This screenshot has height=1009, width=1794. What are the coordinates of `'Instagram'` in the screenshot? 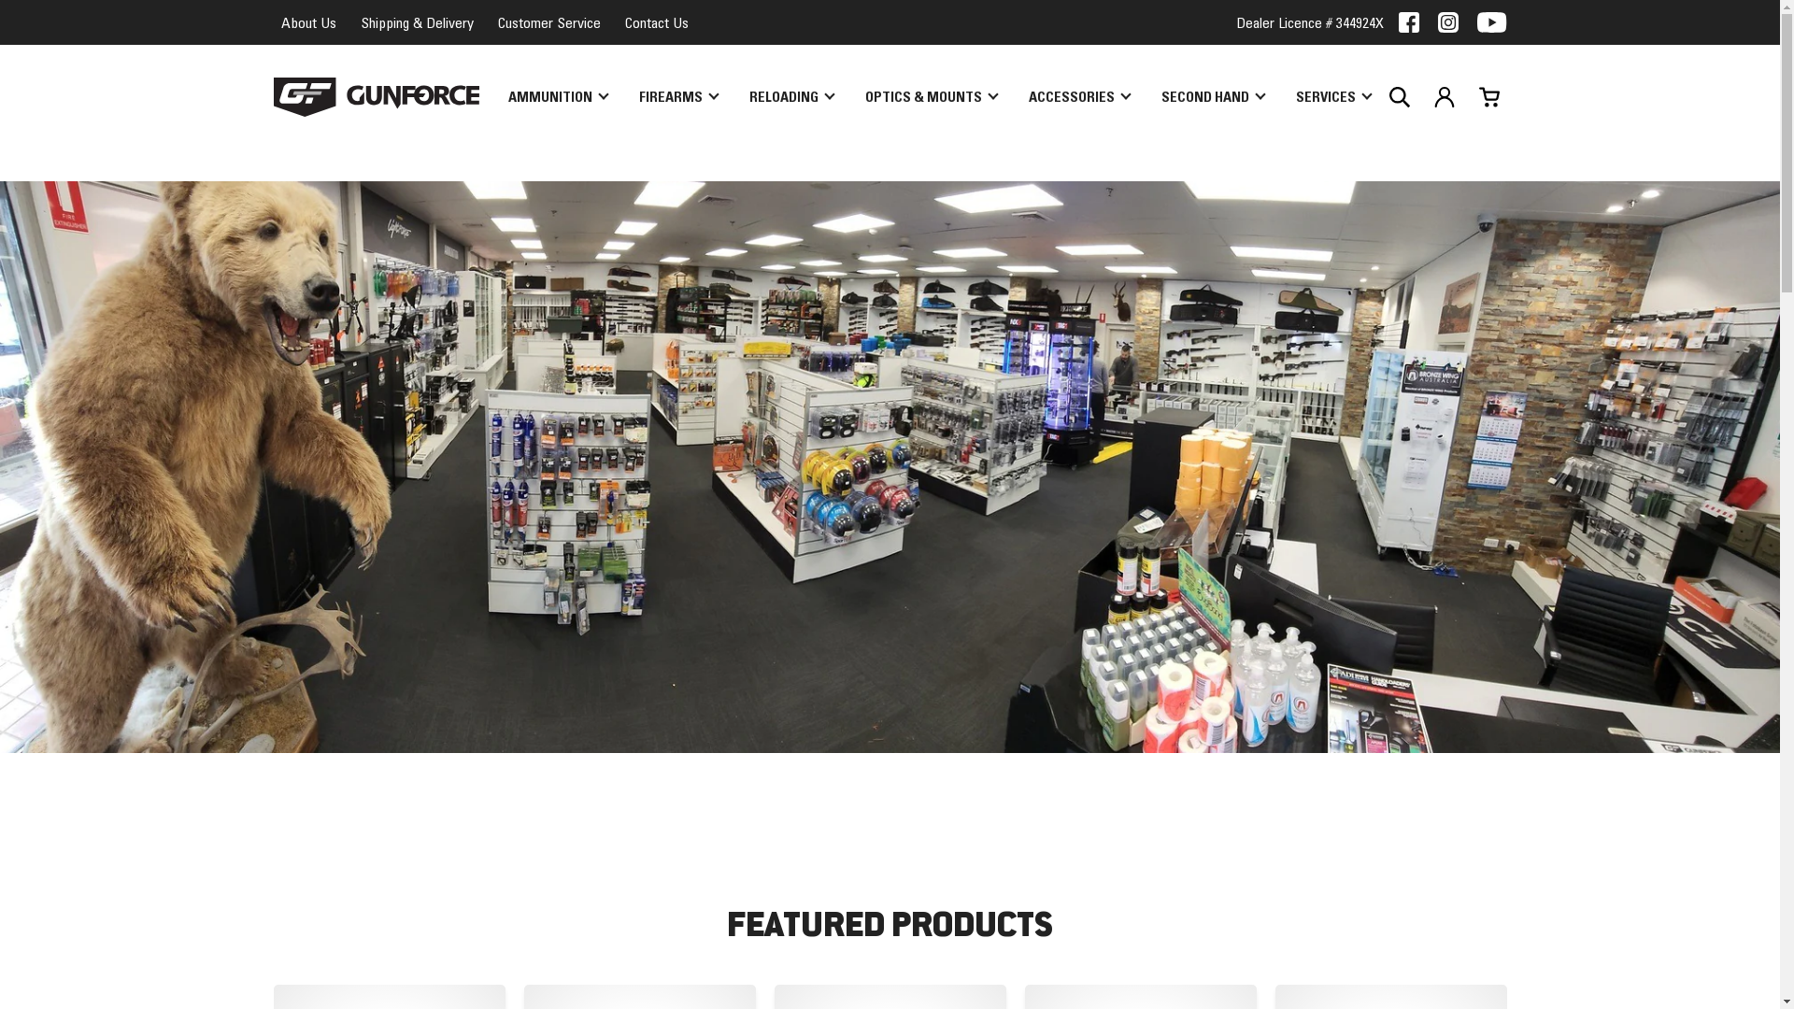 It's located at (1447, 21).